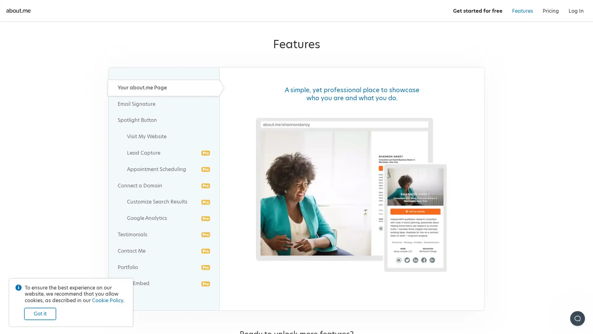  Describe the element at coordinates (40, 312) in the screenshot. I see `Got it` at that location.